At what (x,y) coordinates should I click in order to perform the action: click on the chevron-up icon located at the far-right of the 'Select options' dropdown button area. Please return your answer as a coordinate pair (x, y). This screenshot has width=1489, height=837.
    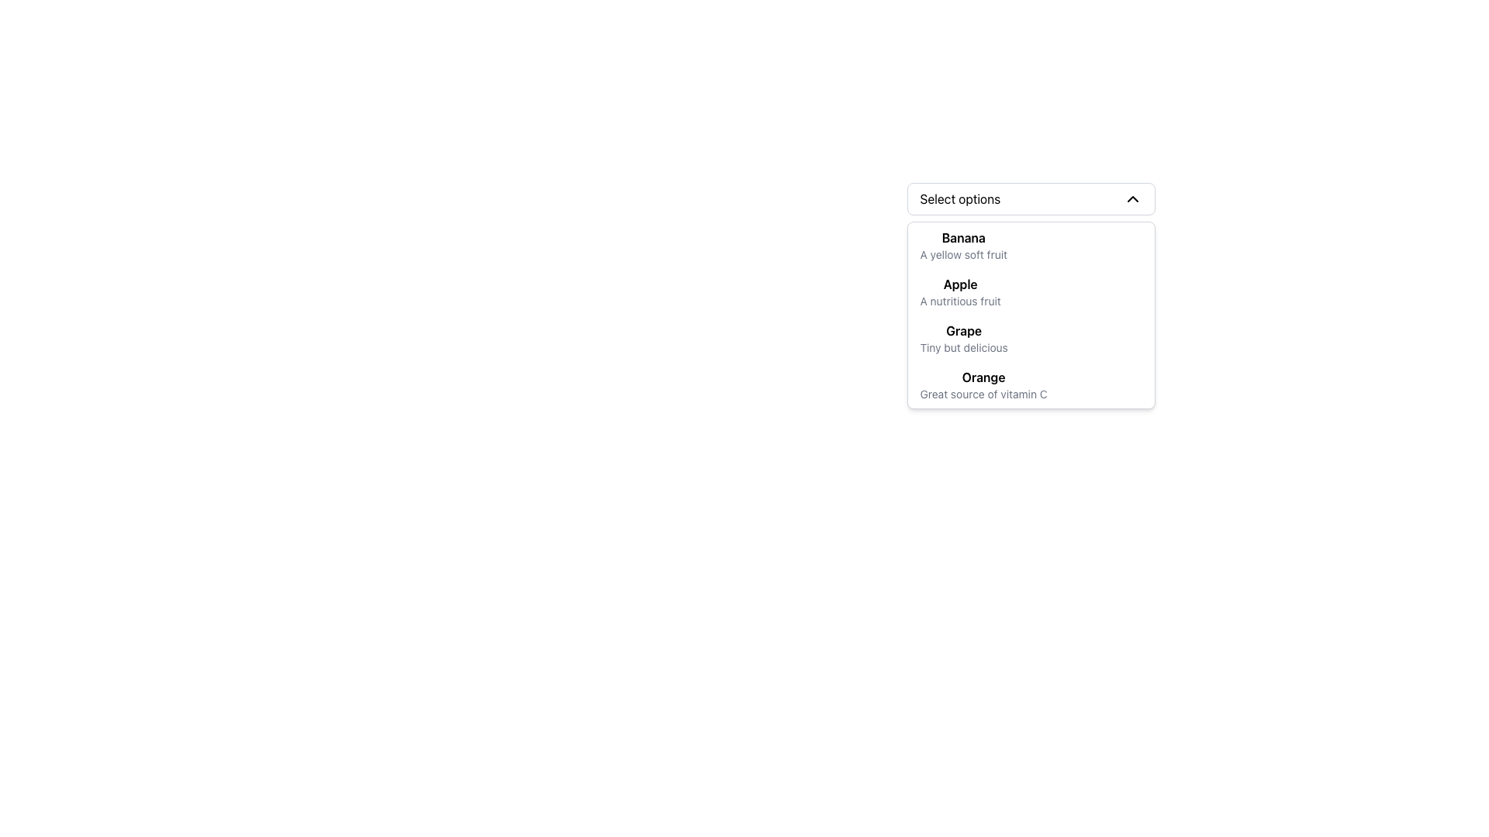
    Looking at the image, I should click on (1132, 198).